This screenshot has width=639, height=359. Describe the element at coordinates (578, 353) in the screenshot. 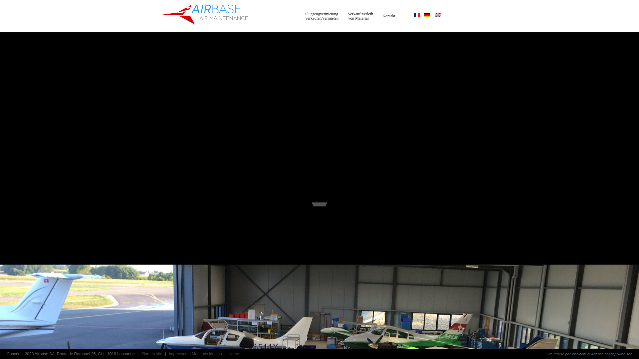

I see `'idealcom'` at that location.